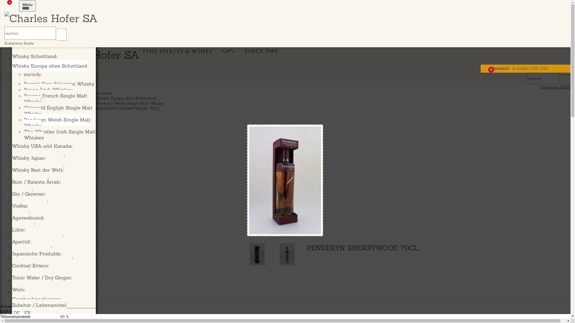 The height and width of the screenshot is (323, 575). Describe the element at coordinates (16, 312) in the screenshot. I see `'DE'` at that location.